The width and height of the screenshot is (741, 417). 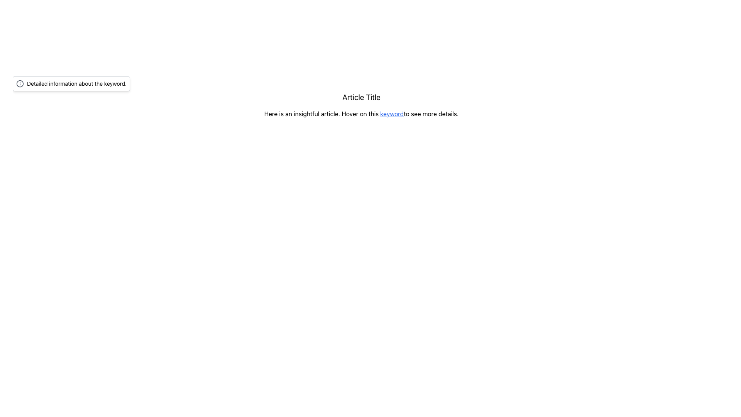 What do you see at coordinates (361, 97) in the screenshot?
I see `the headline text element that indicates the subject or main focus of the content section` at bounding box center [361, 97].